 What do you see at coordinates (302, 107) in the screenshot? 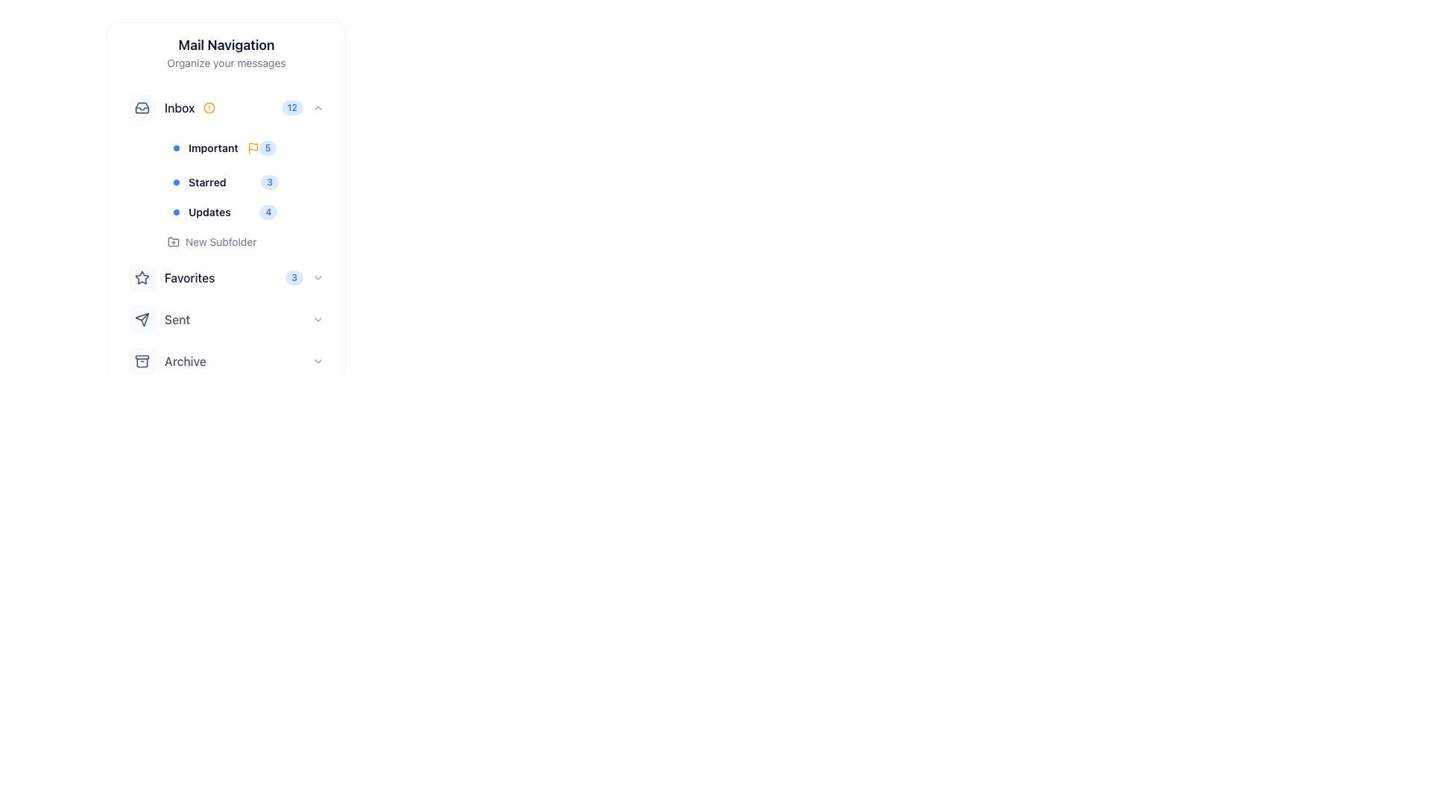
I see `the dropdown arrow of the badge showing '12' on the right side of the 'Inbox' label in the Mail Navigation menu` at bounding box center [302, 107].